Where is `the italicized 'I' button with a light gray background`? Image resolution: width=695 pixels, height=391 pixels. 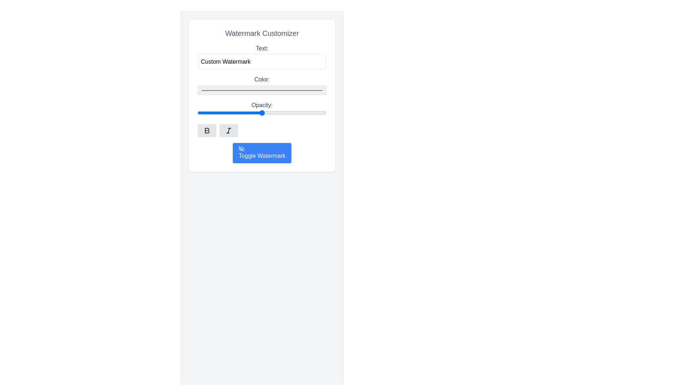 the italicized 'I' button with a light gray background is located at coordinates (228, 131).